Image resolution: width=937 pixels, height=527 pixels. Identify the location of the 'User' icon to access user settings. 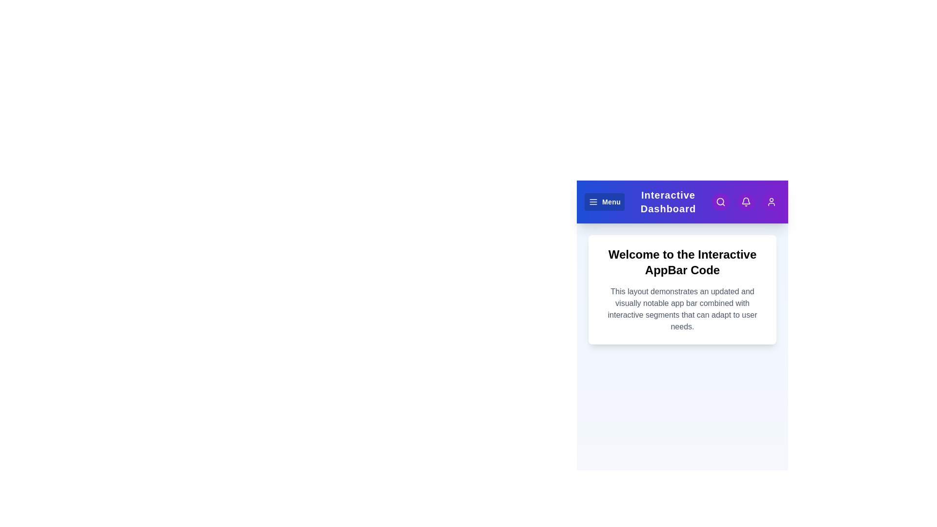
(771, 201).